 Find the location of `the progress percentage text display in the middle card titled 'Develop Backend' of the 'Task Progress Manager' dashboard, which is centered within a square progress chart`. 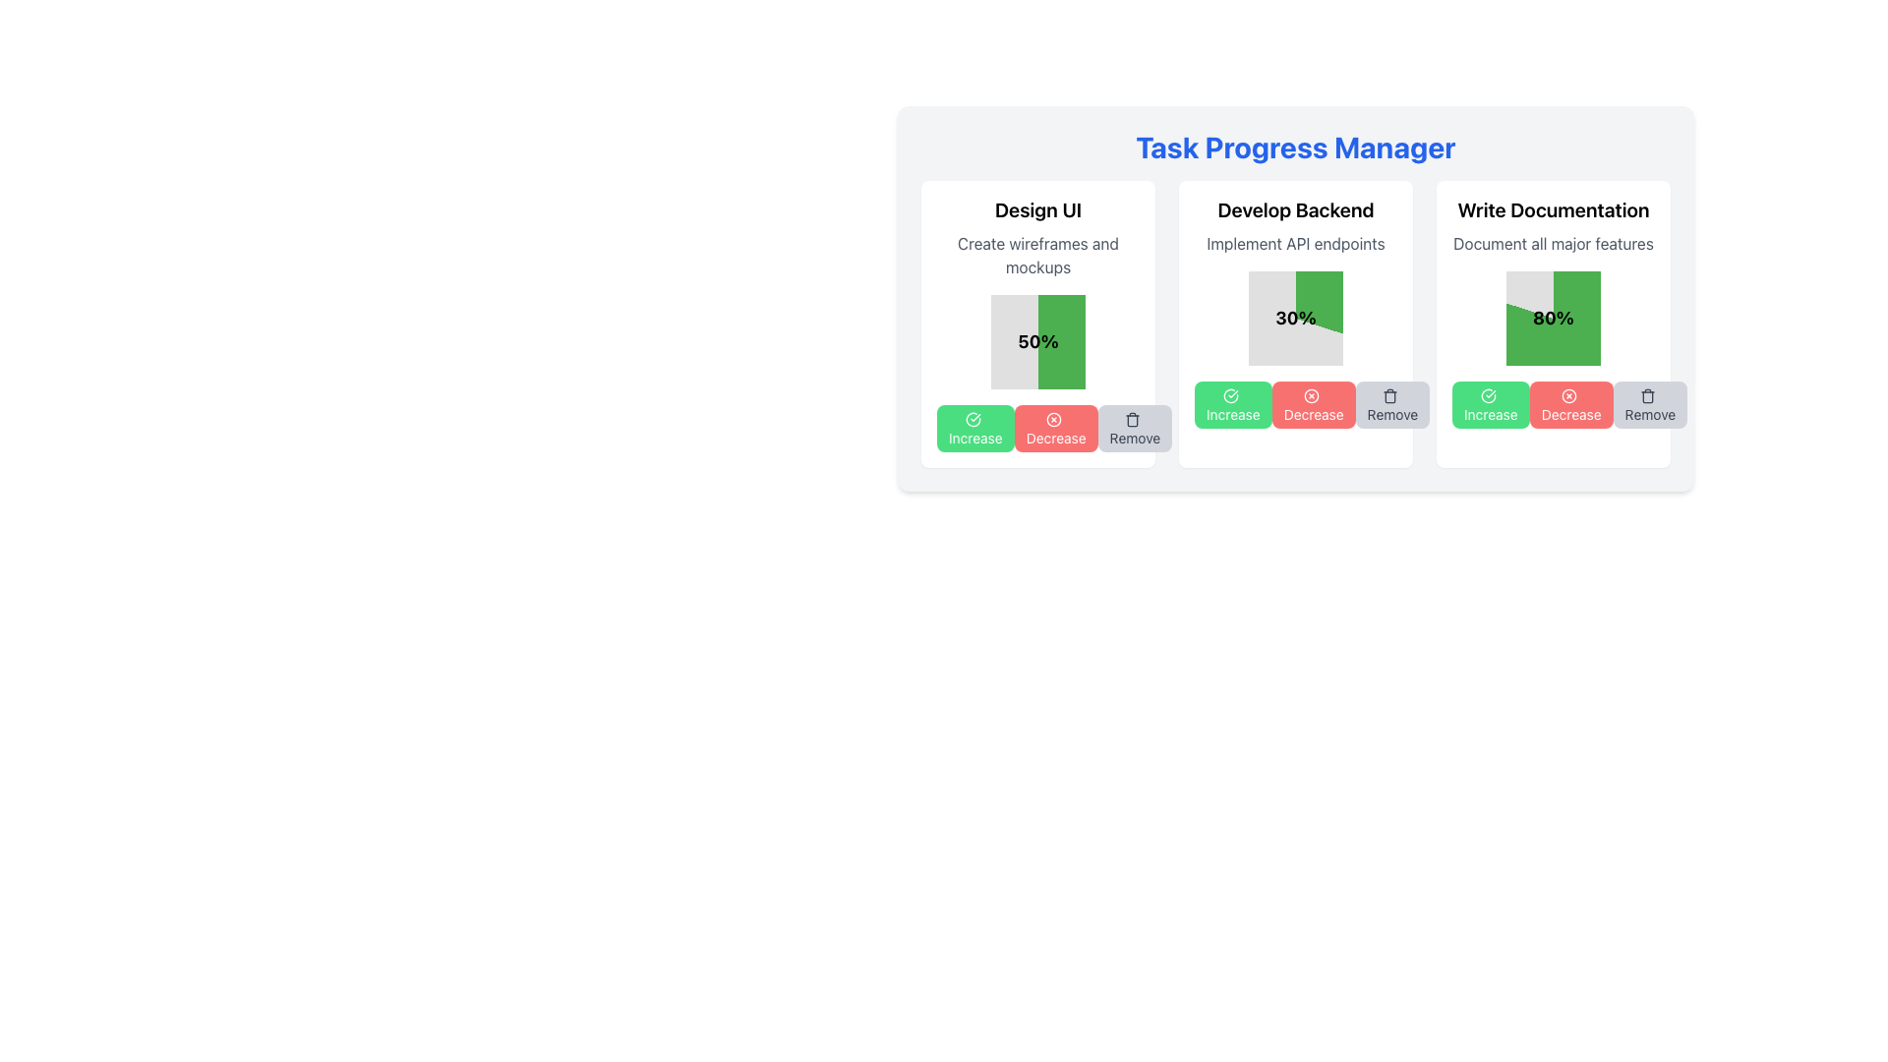

the progress percentage text display in the middle card titled 'Develop Backend' of the 'Task Progress Manager' dashboard, which is centered within a square progress chart is located at coordinates (1296, 318).